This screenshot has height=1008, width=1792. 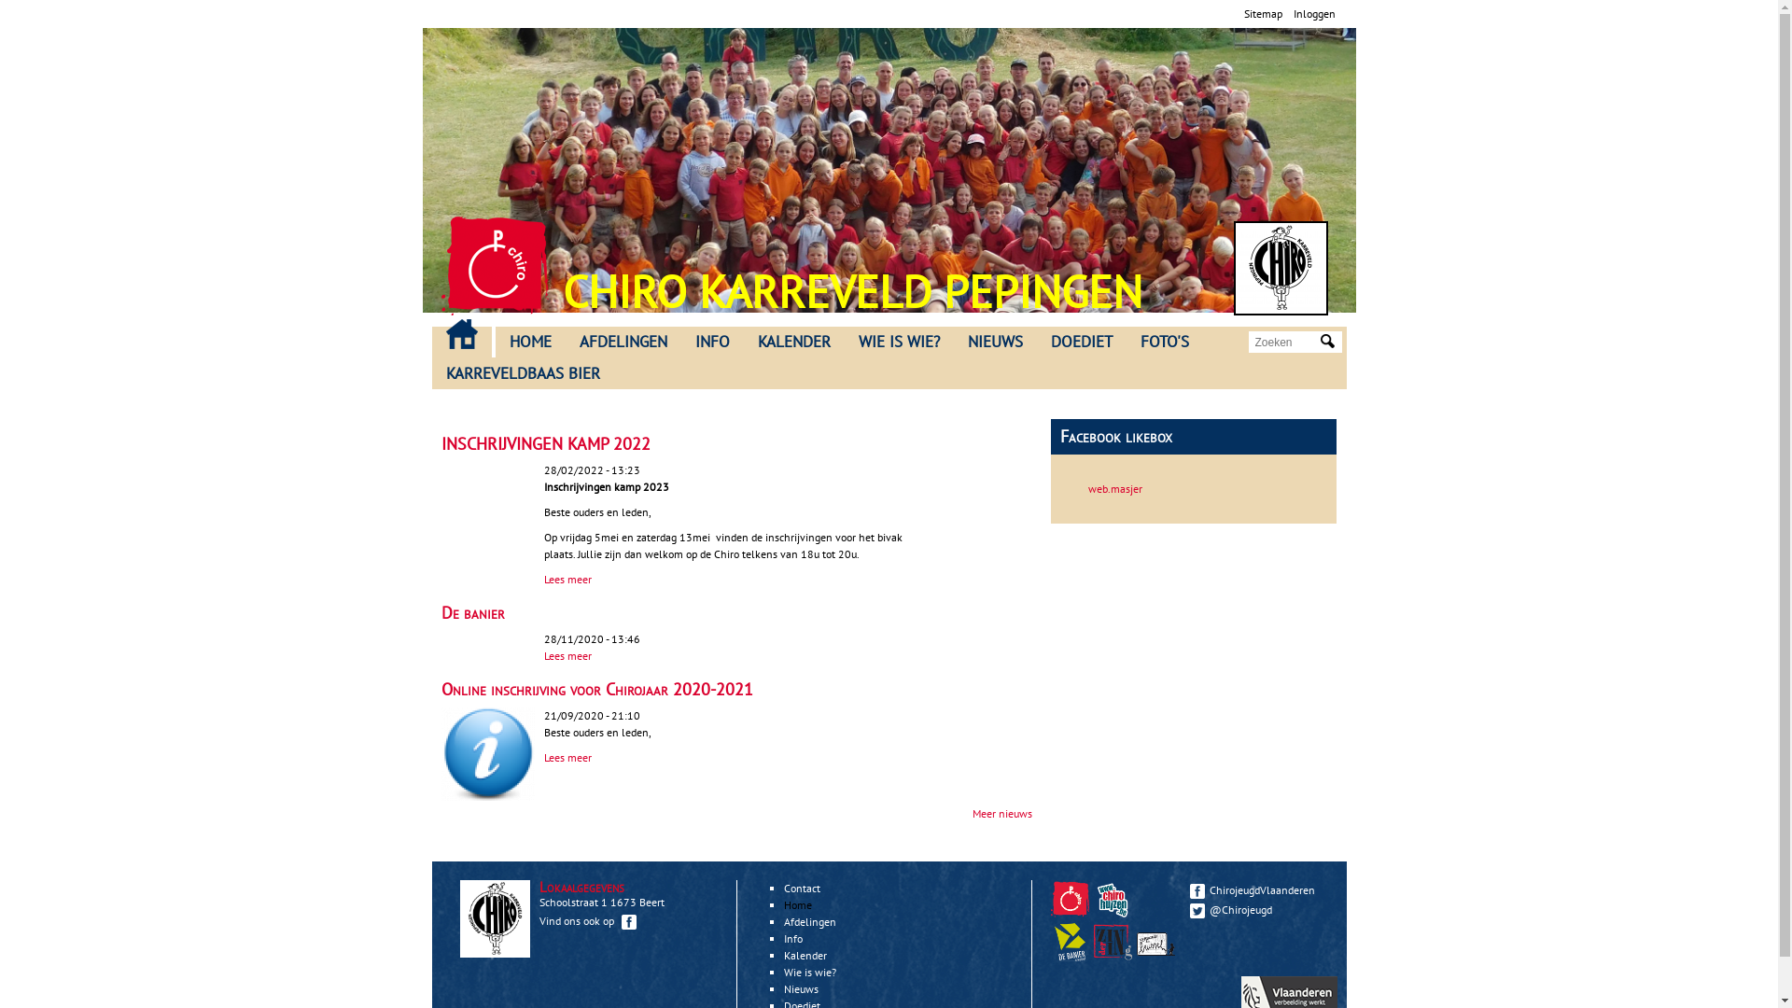 I want to click on 'Inloggen', so click(x=1313, y=13).